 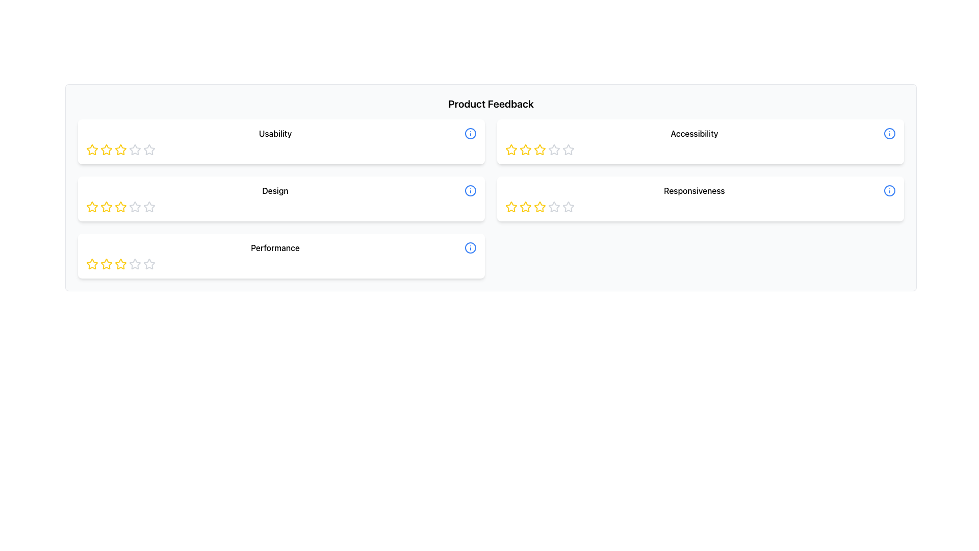 What do you see at coordinates (568, 207) in the screenshot?
I see `the eighth gray star icon in the 'Responsiveness' feedback section` at bounding box center [568, 207].